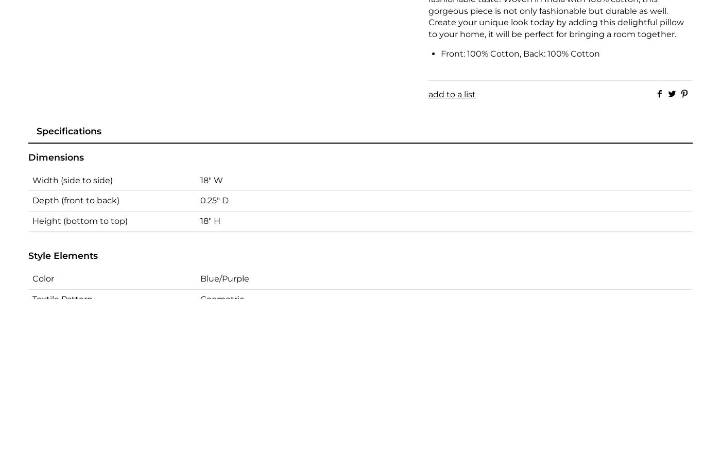 This screenshot has width=721, height=473. What do you see at coordinates (36, 130) in the screenshot?
I see `'Specifications'` at bounding box center [36, 130].